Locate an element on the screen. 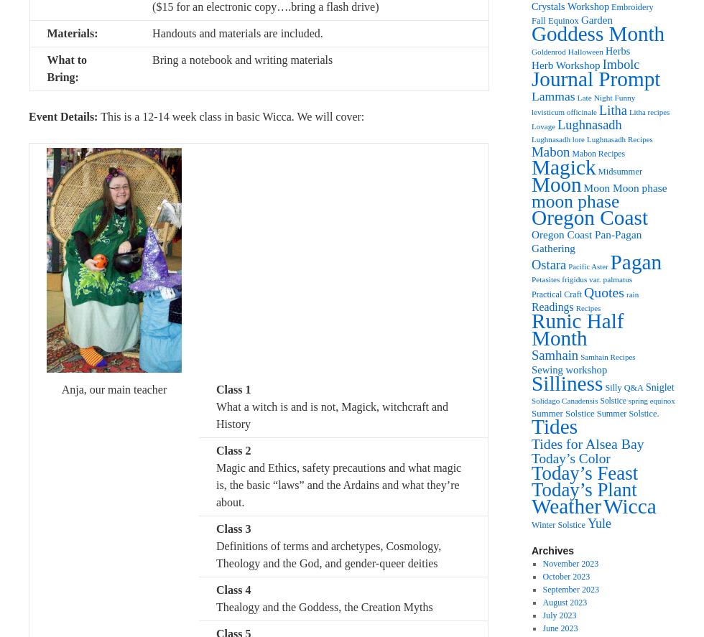 Image resolution: width=704 pixels, height=637 pixels. 'Class 2' is located at coordinates (216, 450).